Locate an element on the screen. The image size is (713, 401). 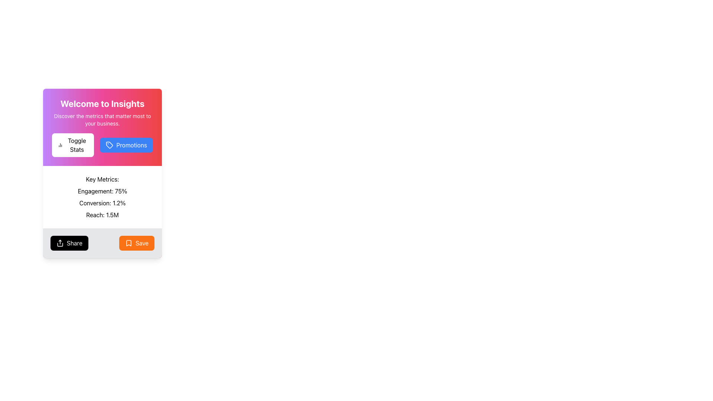
text from the 'Conversion' metric, which is the second item in the 'Key Metrics' list, positioned between 'Engagement: 75%' and 'Reach: 1.5M' is located at coordinates (102, 203).